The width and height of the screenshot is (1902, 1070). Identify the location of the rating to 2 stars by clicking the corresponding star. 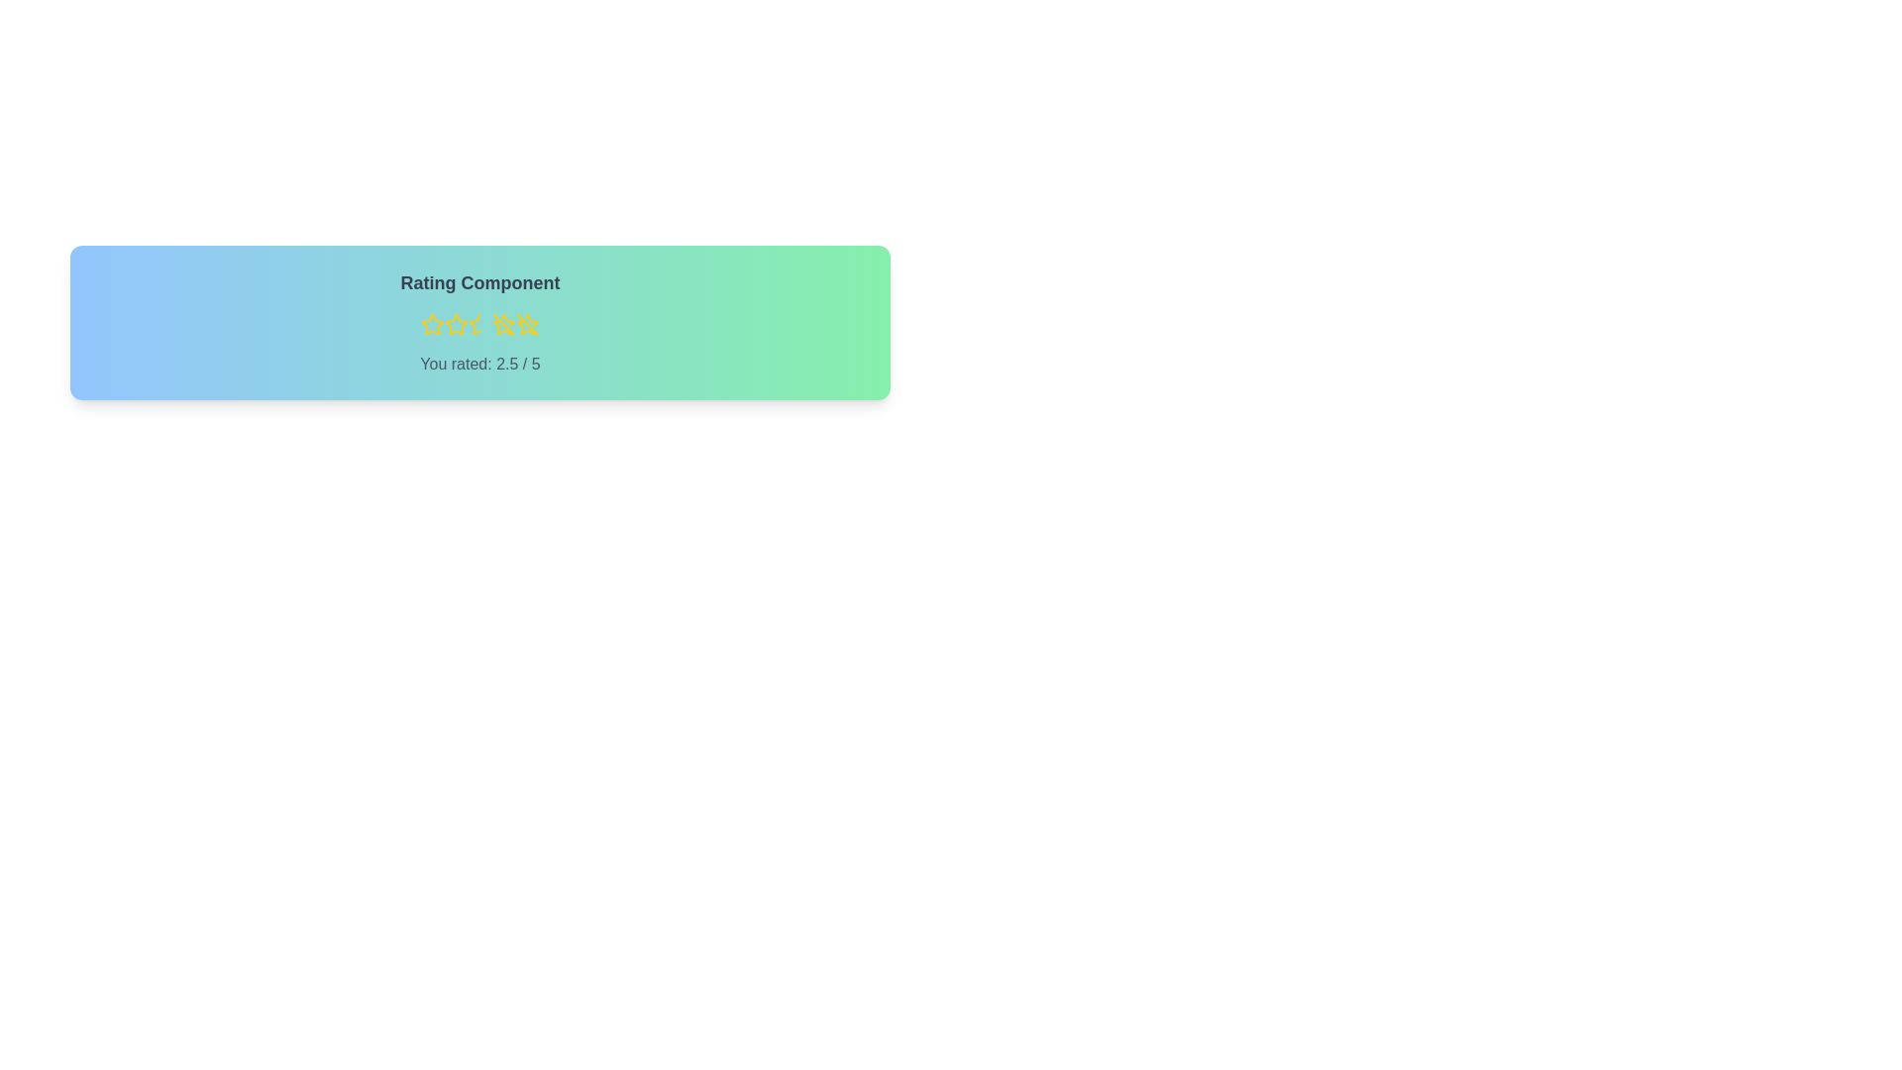
(455, 323).